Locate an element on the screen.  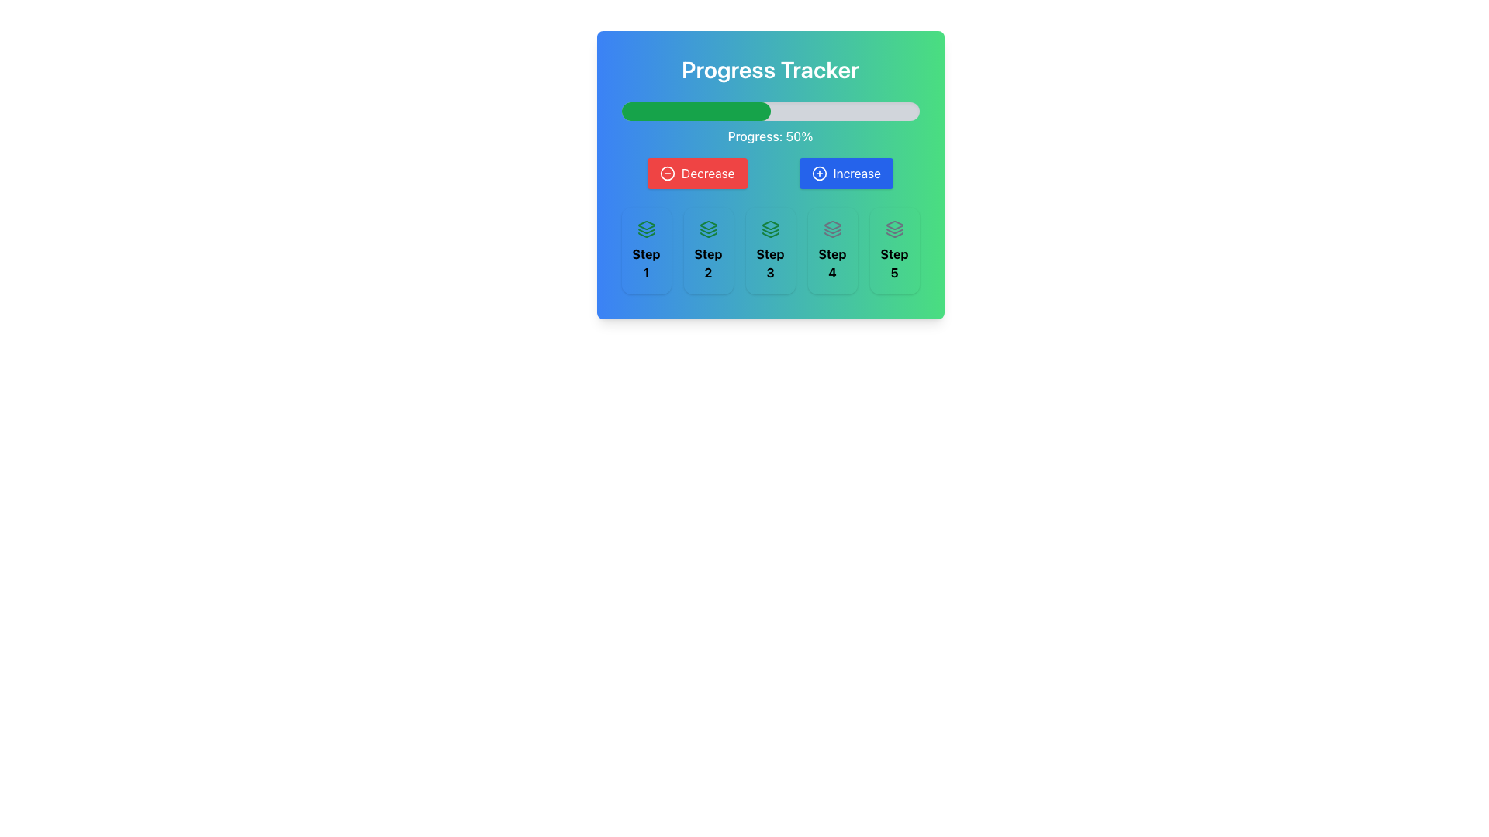
the topmost layer of the three-layer icon structure located within the rightmost 'Step 5' button in the 'Progress Tracker' card is located at coordinates (894, 225).